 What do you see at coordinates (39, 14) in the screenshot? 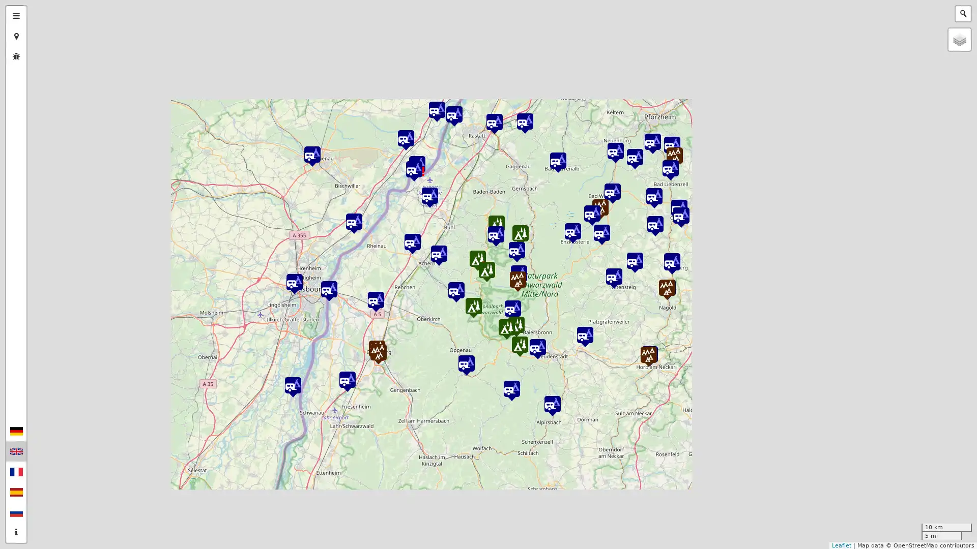
I see `Zoom in` at bounding box center [39, 14].